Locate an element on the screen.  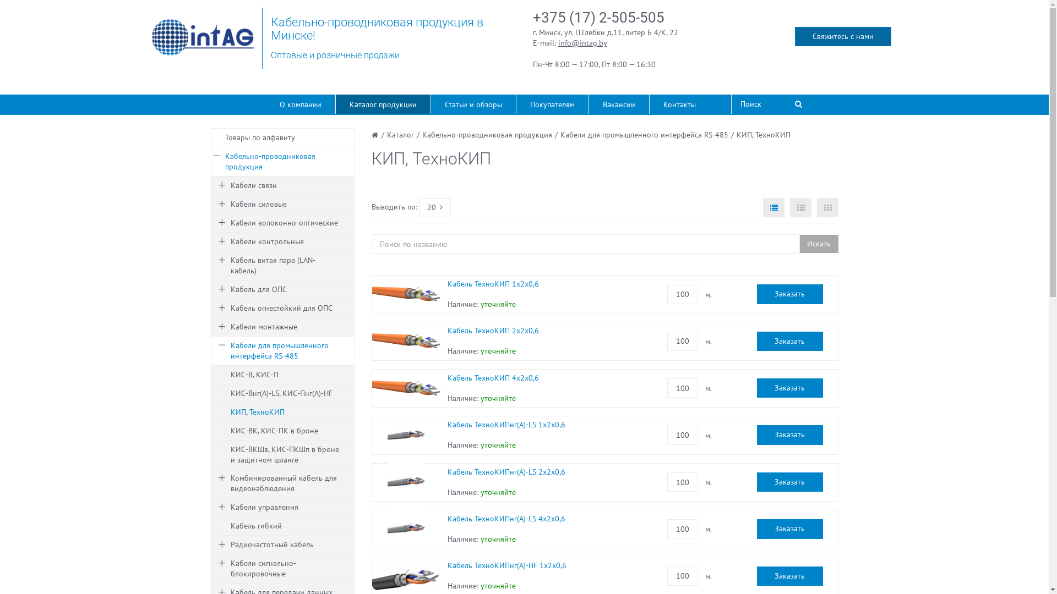
'20' is located at coordinates (434, 207).